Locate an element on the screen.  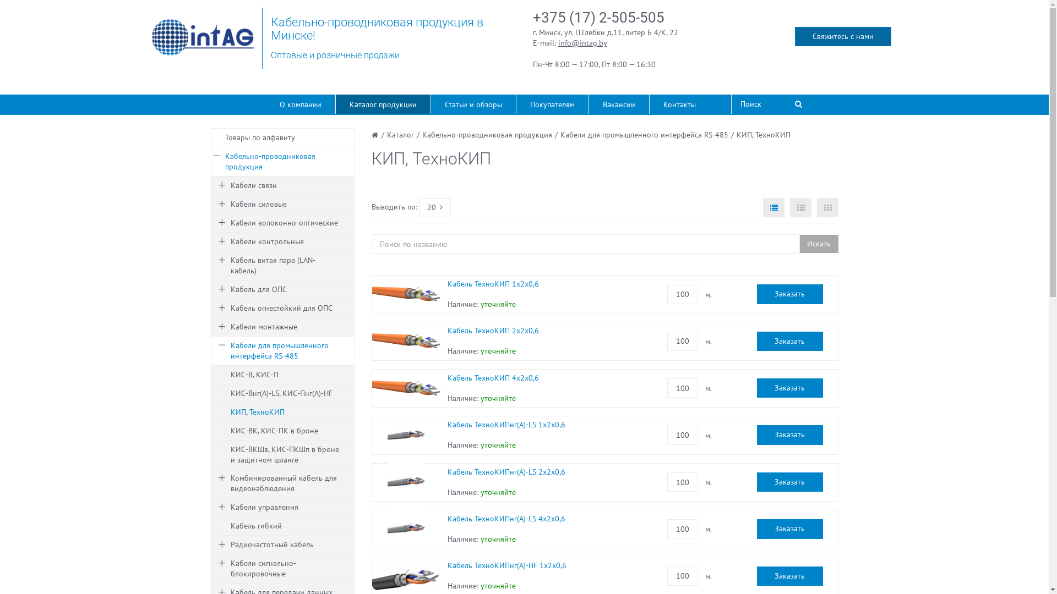
'20' is located at coordinates (434, 207).